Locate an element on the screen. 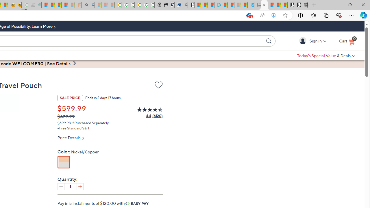 The image size is (370, 208). 'Today' is located at coordinates (326, 55).